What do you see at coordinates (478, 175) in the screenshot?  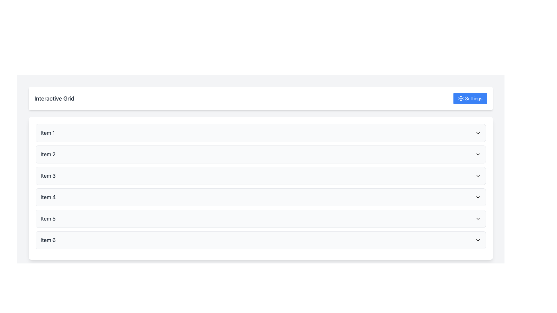 I see `the downward-pointing chevron icon located at the extreme right end of the 'Item 3' row` at bounding box center [478, 175].